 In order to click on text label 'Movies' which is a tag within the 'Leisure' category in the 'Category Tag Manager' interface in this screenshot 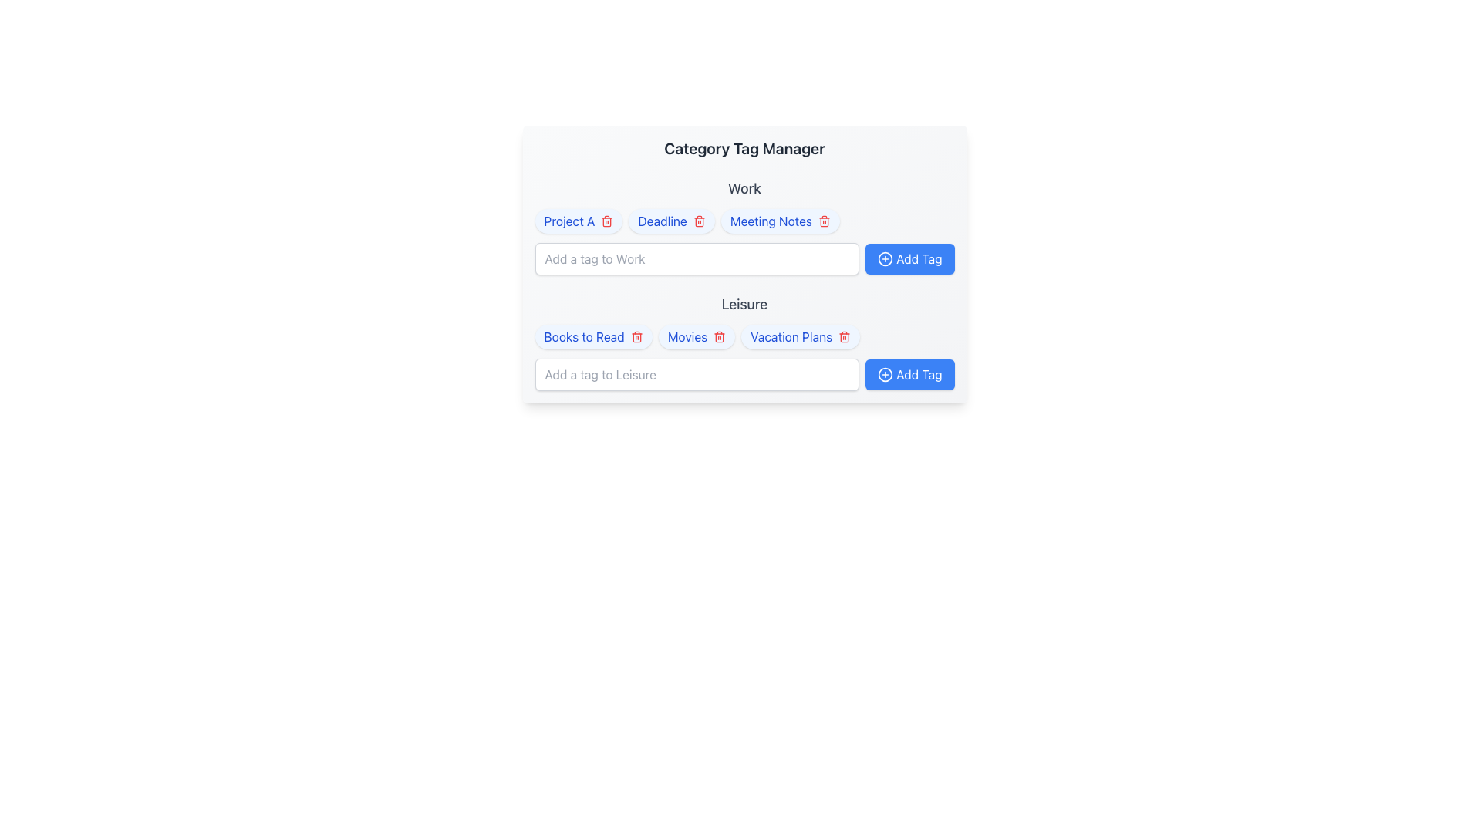, I will do `click(687, 336)`.